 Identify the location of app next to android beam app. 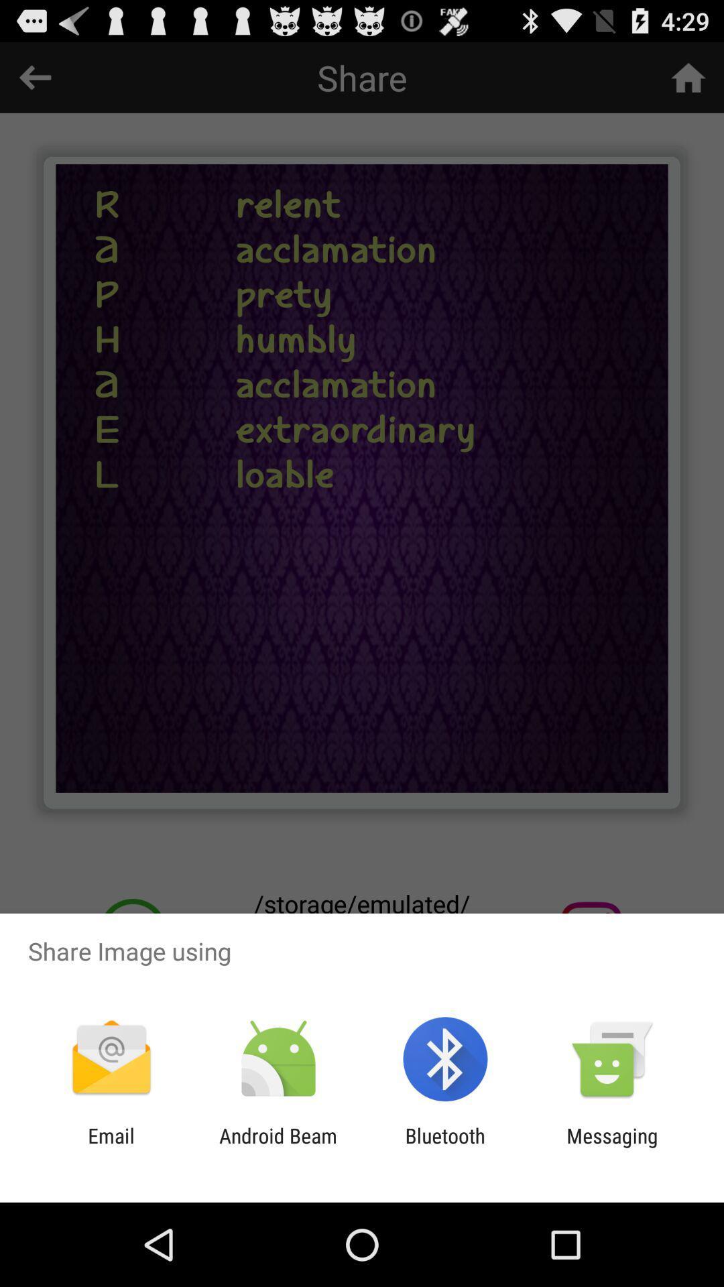
(111, 1147).